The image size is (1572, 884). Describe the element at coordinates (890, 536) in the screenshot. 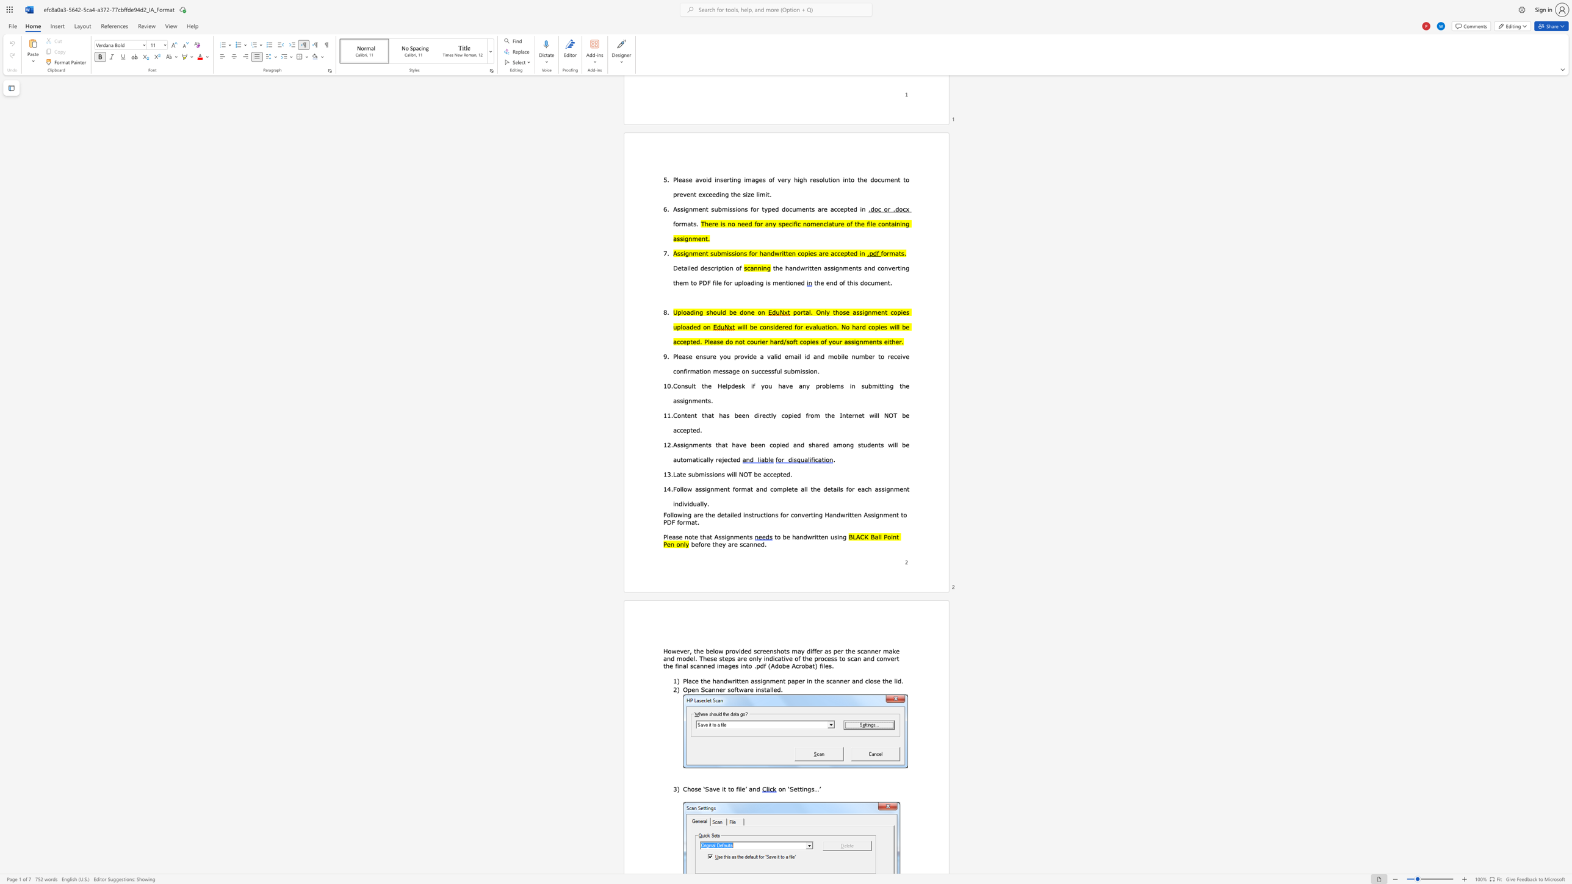

I see `the subset text "int Pe" within the text "BLACK Ball Point Pen only"` at that location.